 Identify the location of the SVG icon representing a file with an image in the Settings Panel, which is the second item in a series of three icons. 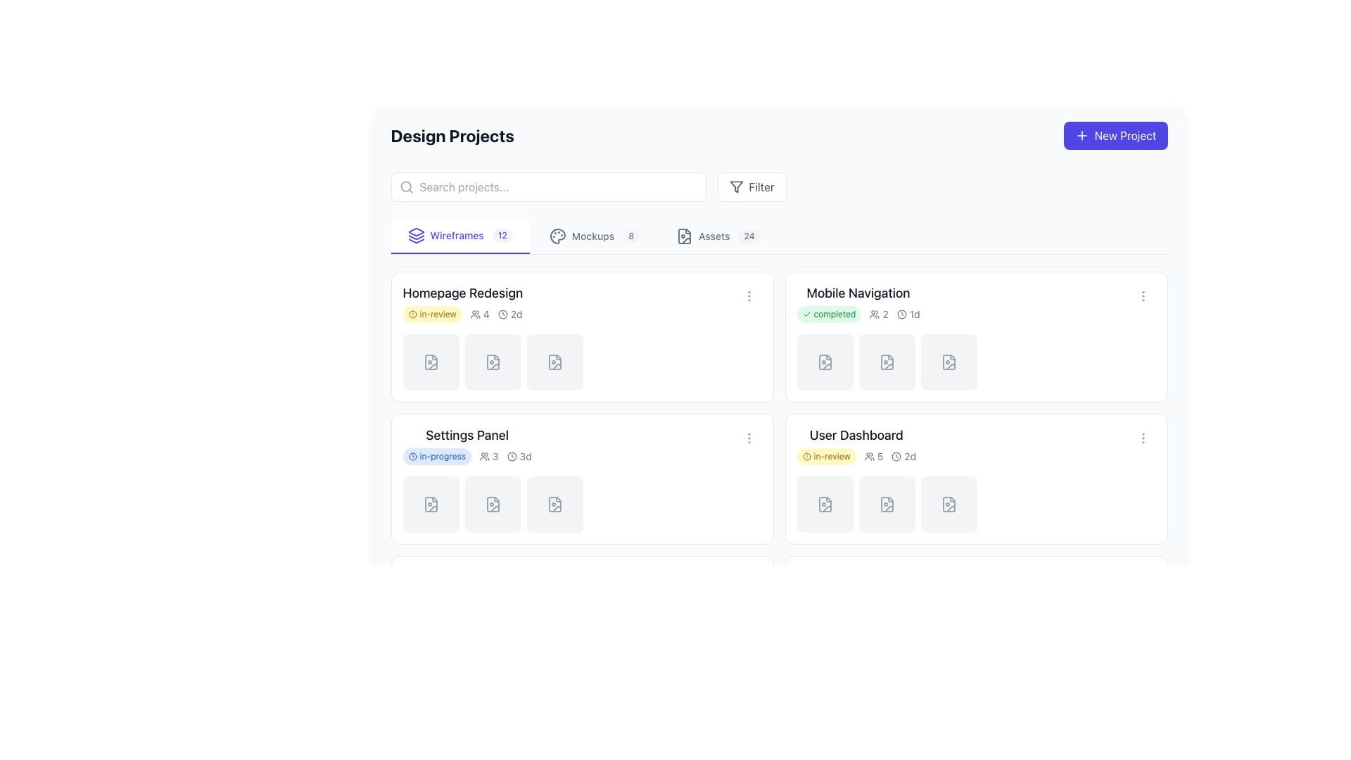
(493, 504).